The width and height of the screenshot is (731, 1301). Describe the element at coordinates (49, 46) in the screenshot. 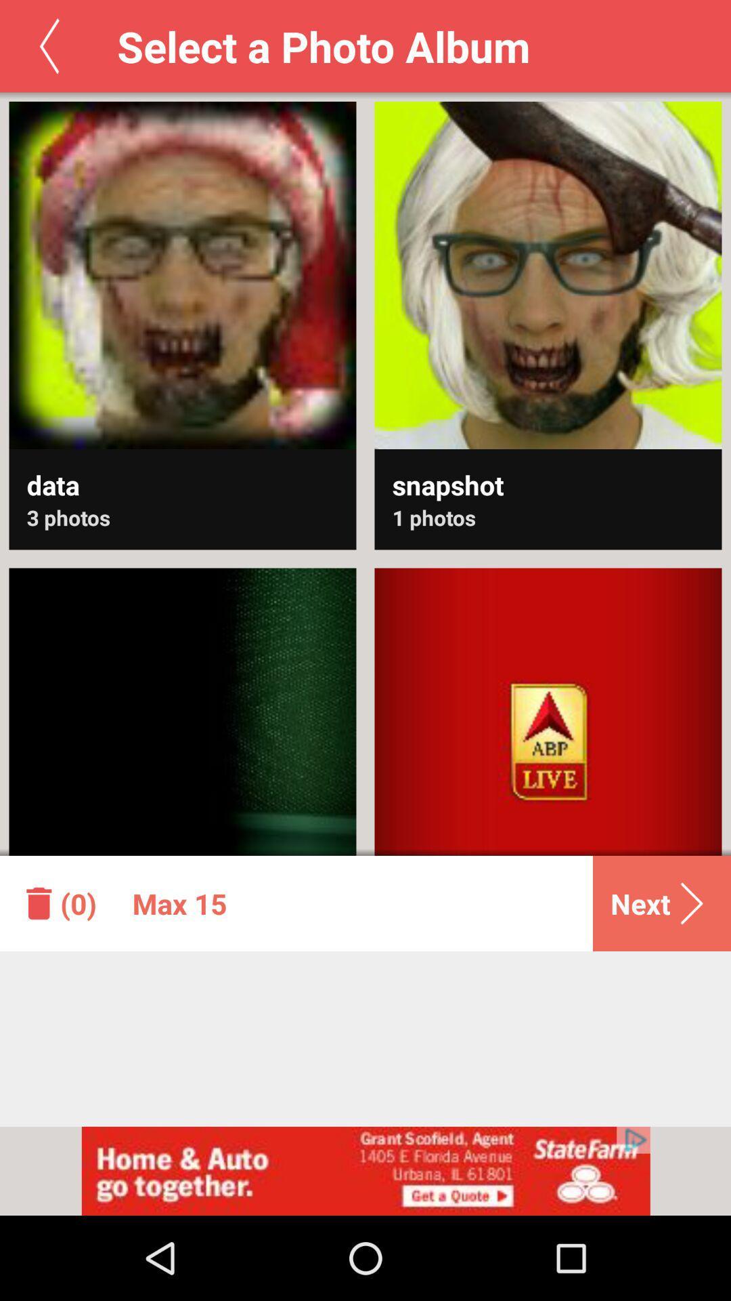

I see `the arrow_backward icon` at that location.